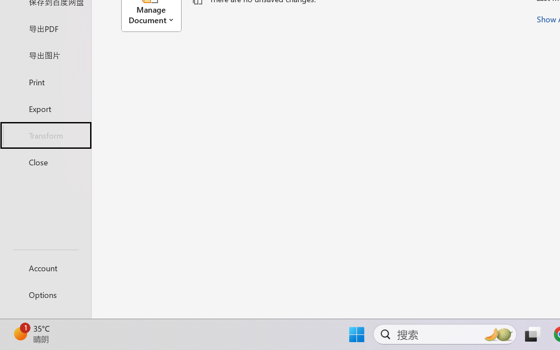 This screenshot has width=560, height=350. I want to click on 'Account', so click(45, 268).